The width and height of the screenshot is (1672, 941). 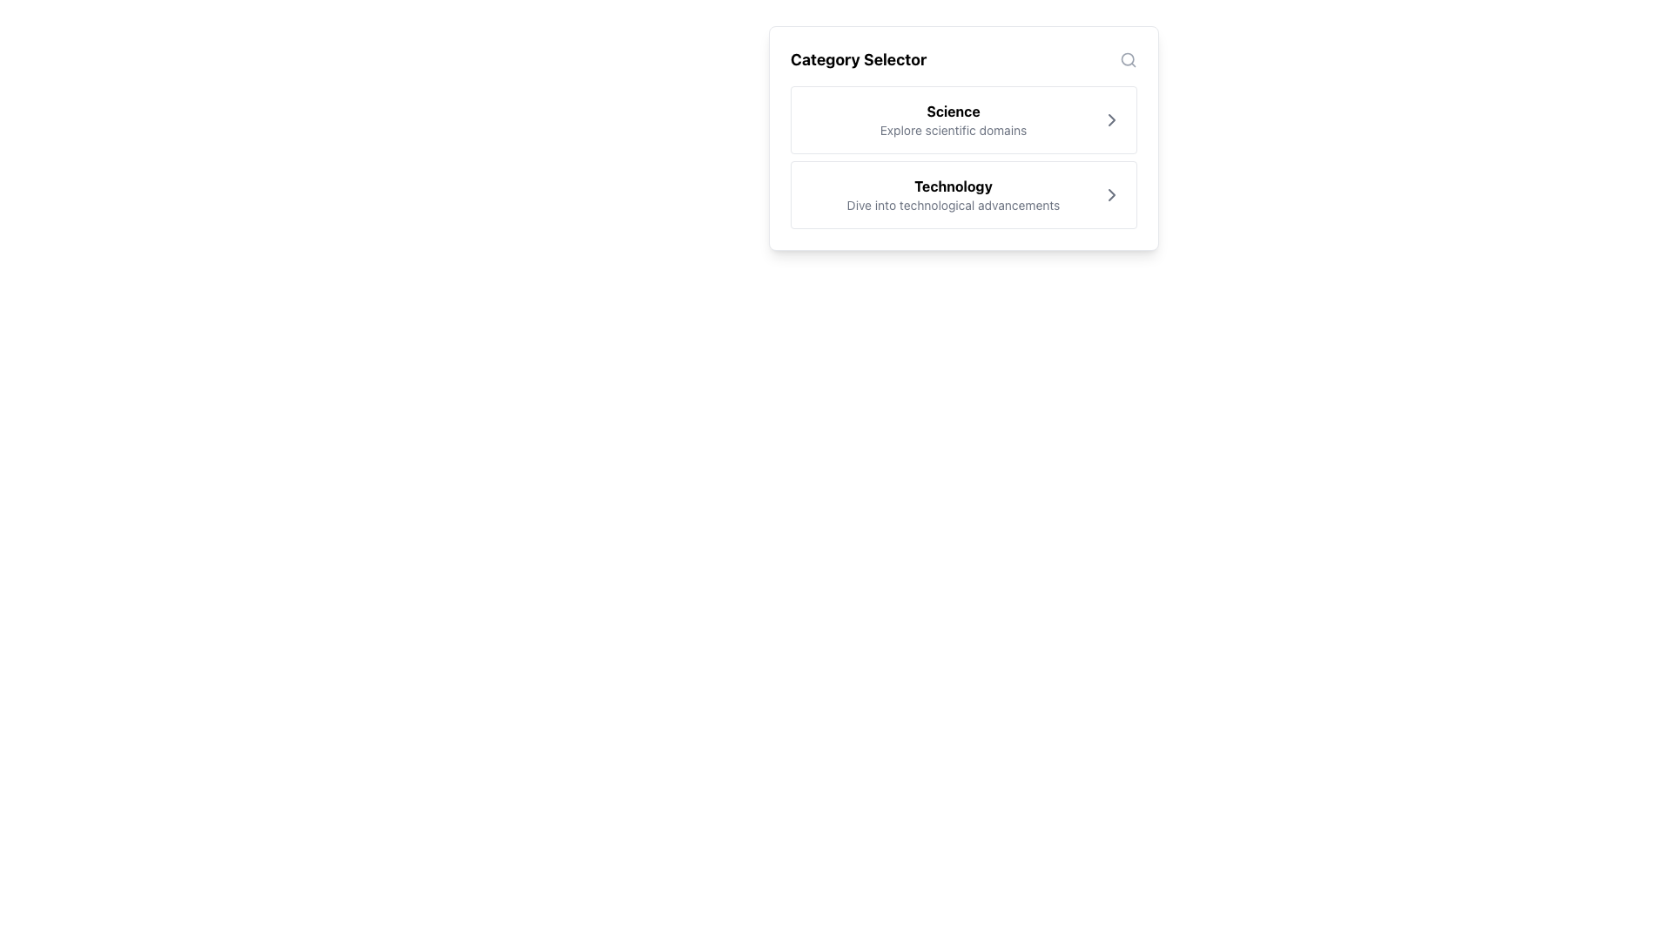 I want to click on the icon, so click(x=1110, y=119).